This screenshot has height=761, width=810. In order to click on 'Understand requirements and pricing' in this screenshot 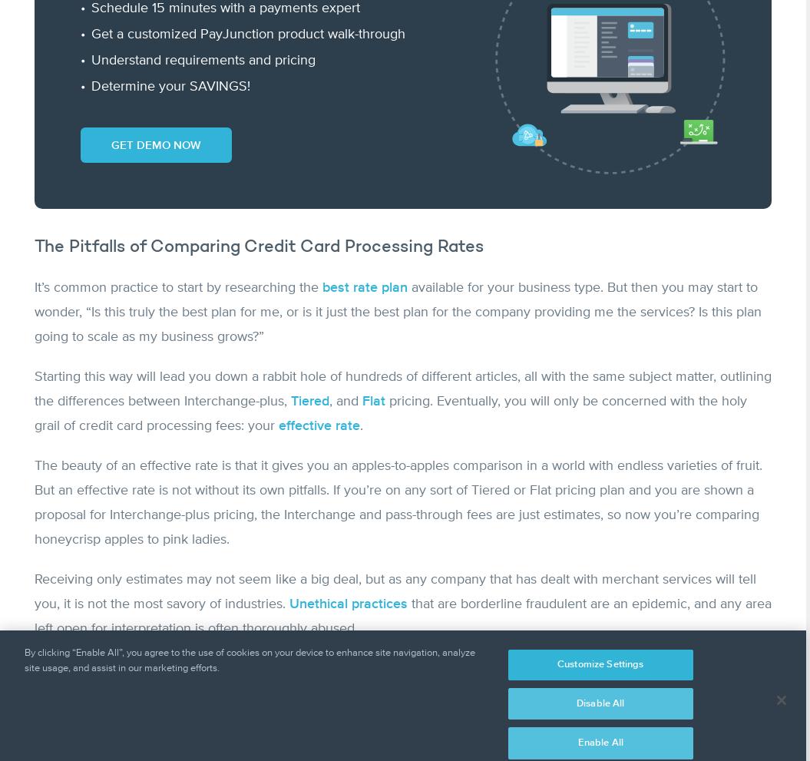, I will do `click(91, 59)`.